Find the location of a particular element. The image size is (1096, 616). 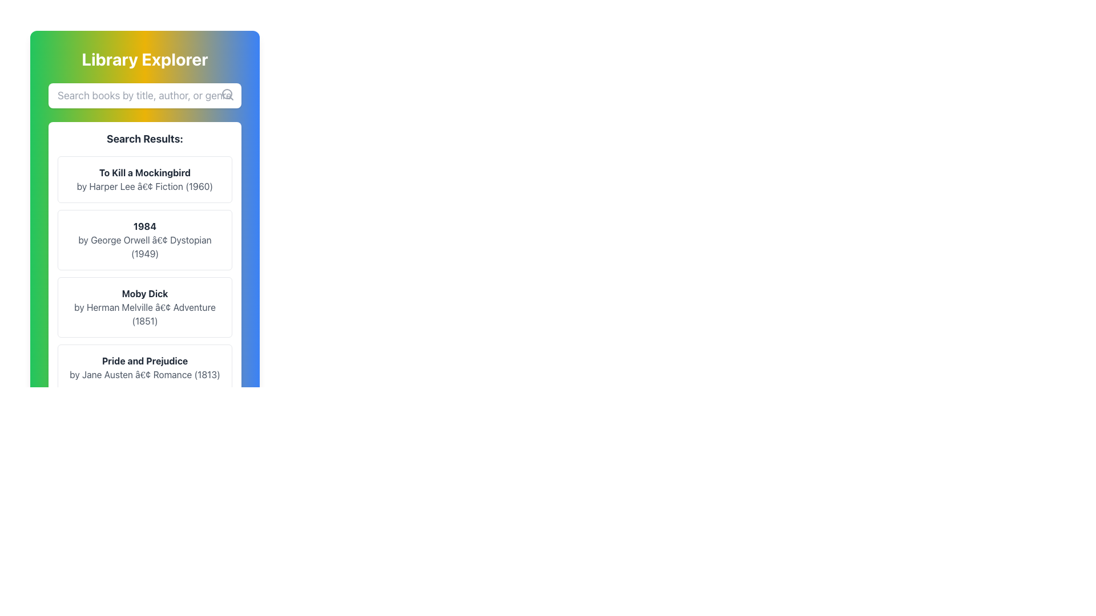

the Search Result Item for the book titled 'To Kill a Mockingbird' is located at coordinates (144, 180).